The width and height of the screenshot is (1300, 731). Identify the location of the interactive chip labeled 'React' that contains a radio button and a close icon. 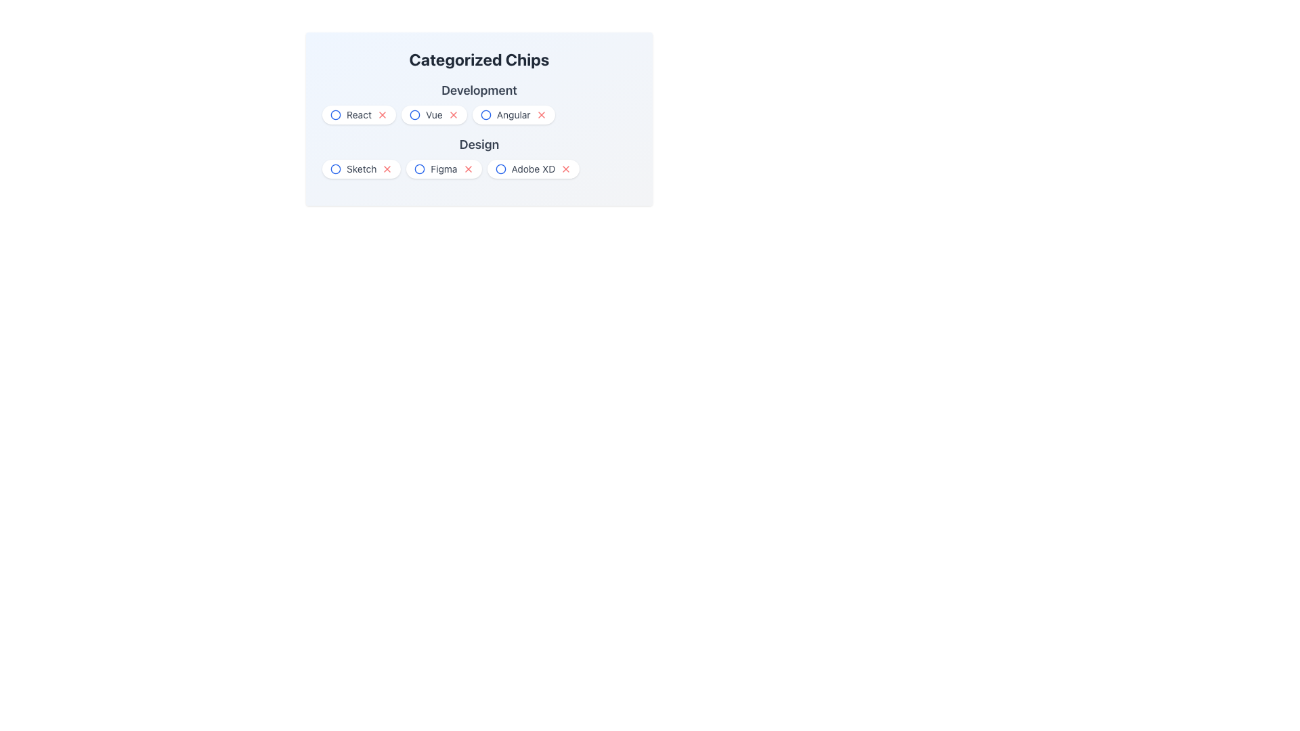
(359, 114).